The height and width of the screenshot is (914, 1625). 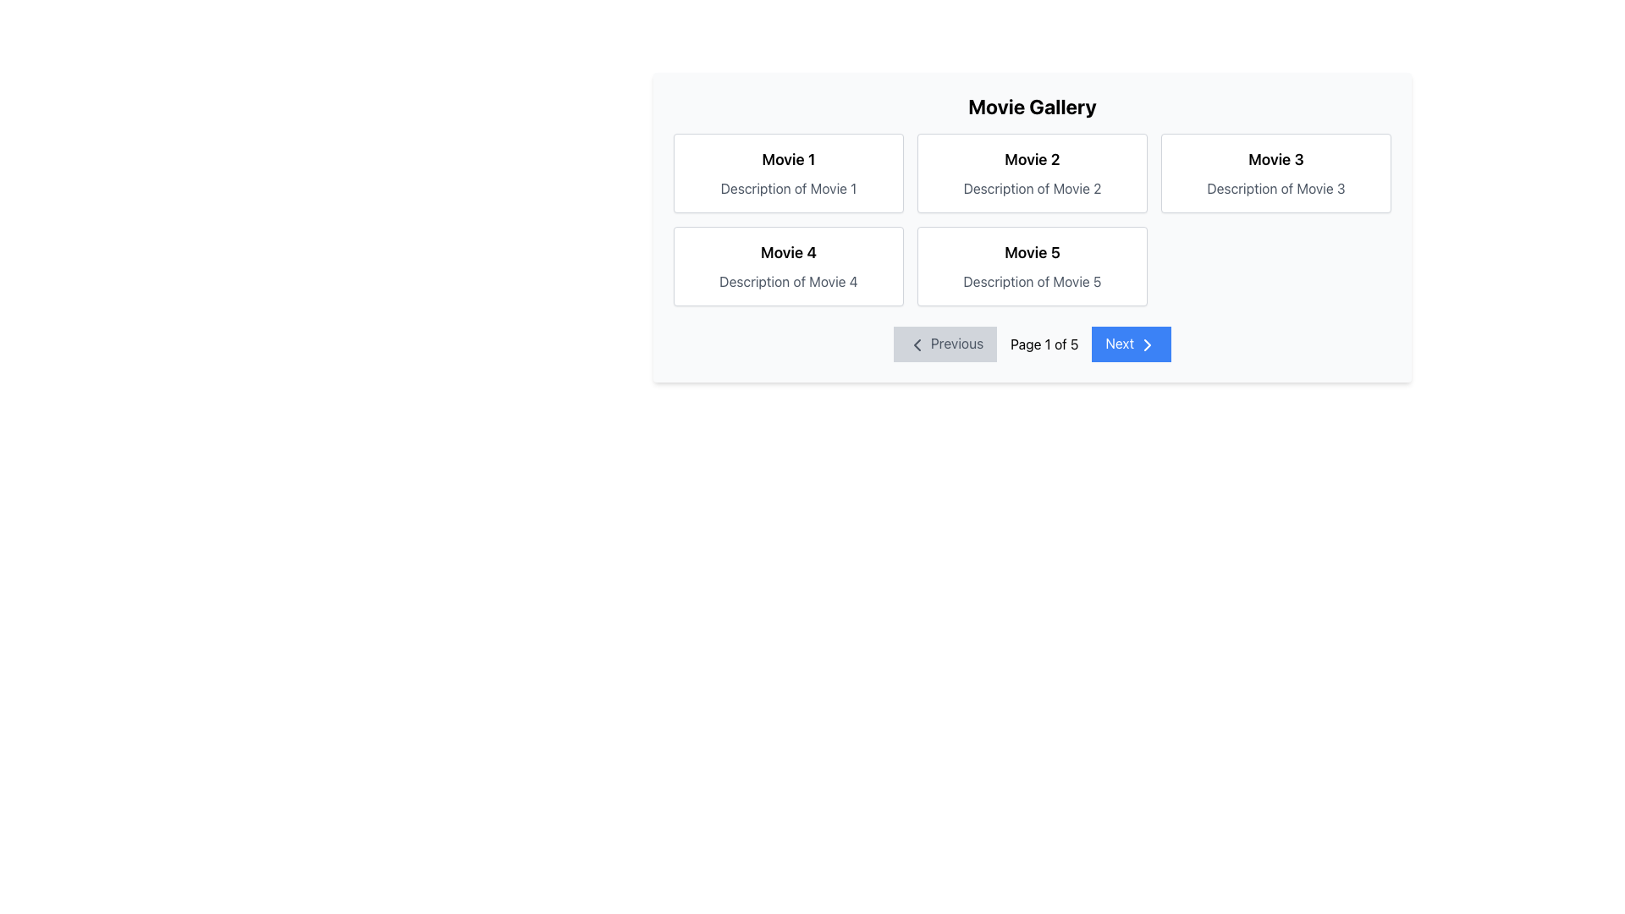 I want to click on the left-pointing chevron icon within the 'Previous' button, which is styled with a gray color and has a thin, rounded stroke, so click(x=916, y=344).